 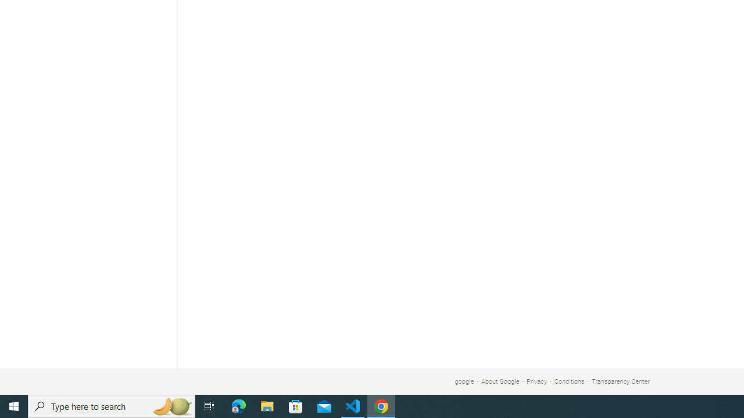 What do you see at coordinates (296, 405) in the screenshot?
I see `'Microsoft Store'` at bounding box center [296, 405].